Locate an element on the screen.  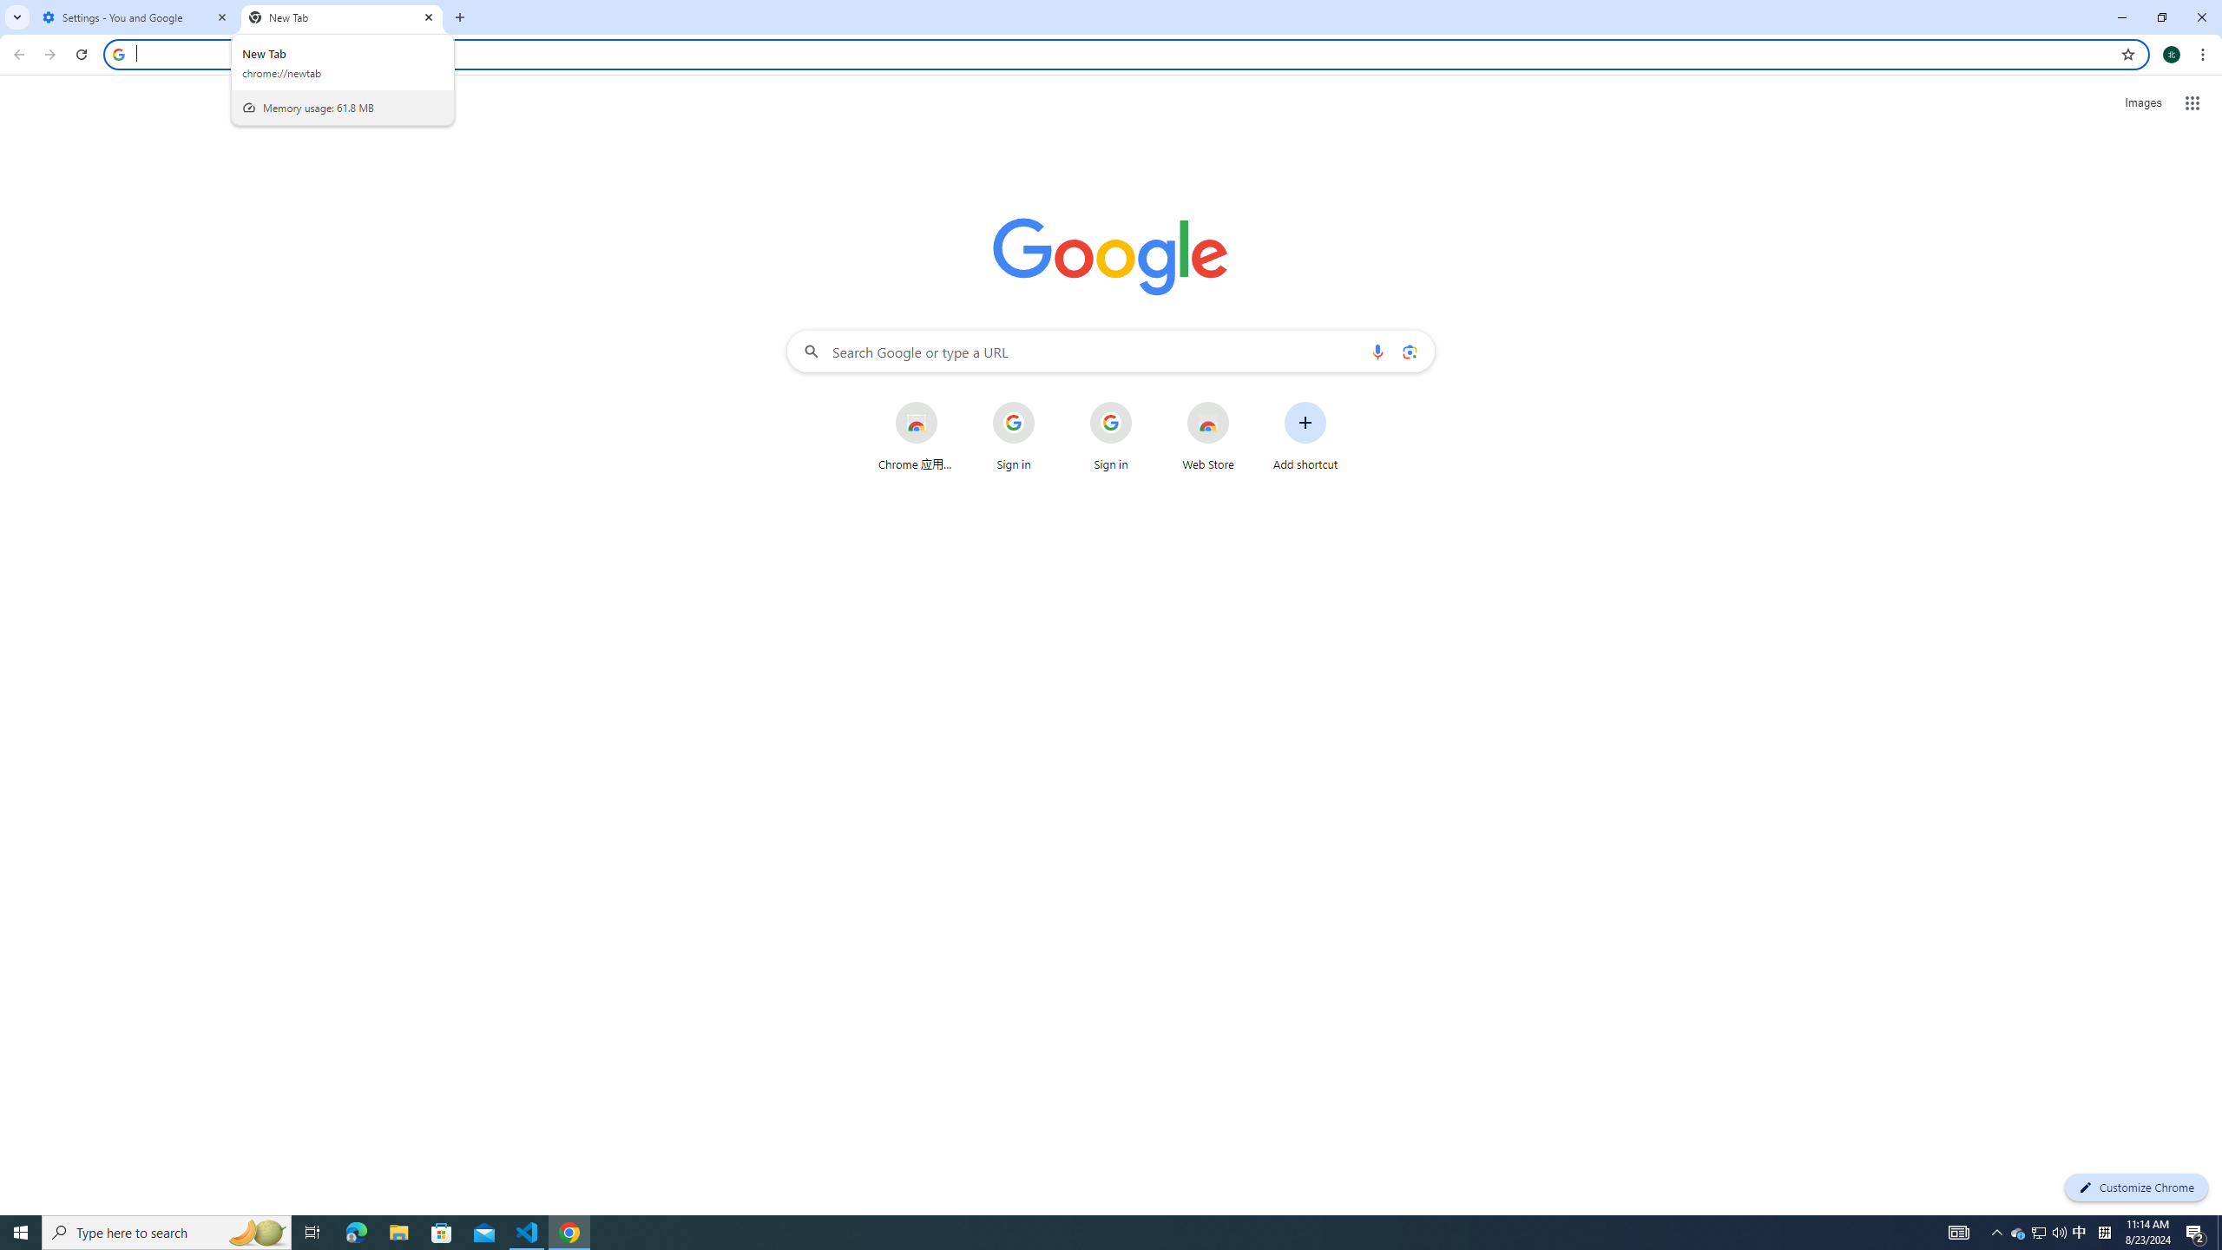
'Search for Images ' is located at coordinates (2143, 102).